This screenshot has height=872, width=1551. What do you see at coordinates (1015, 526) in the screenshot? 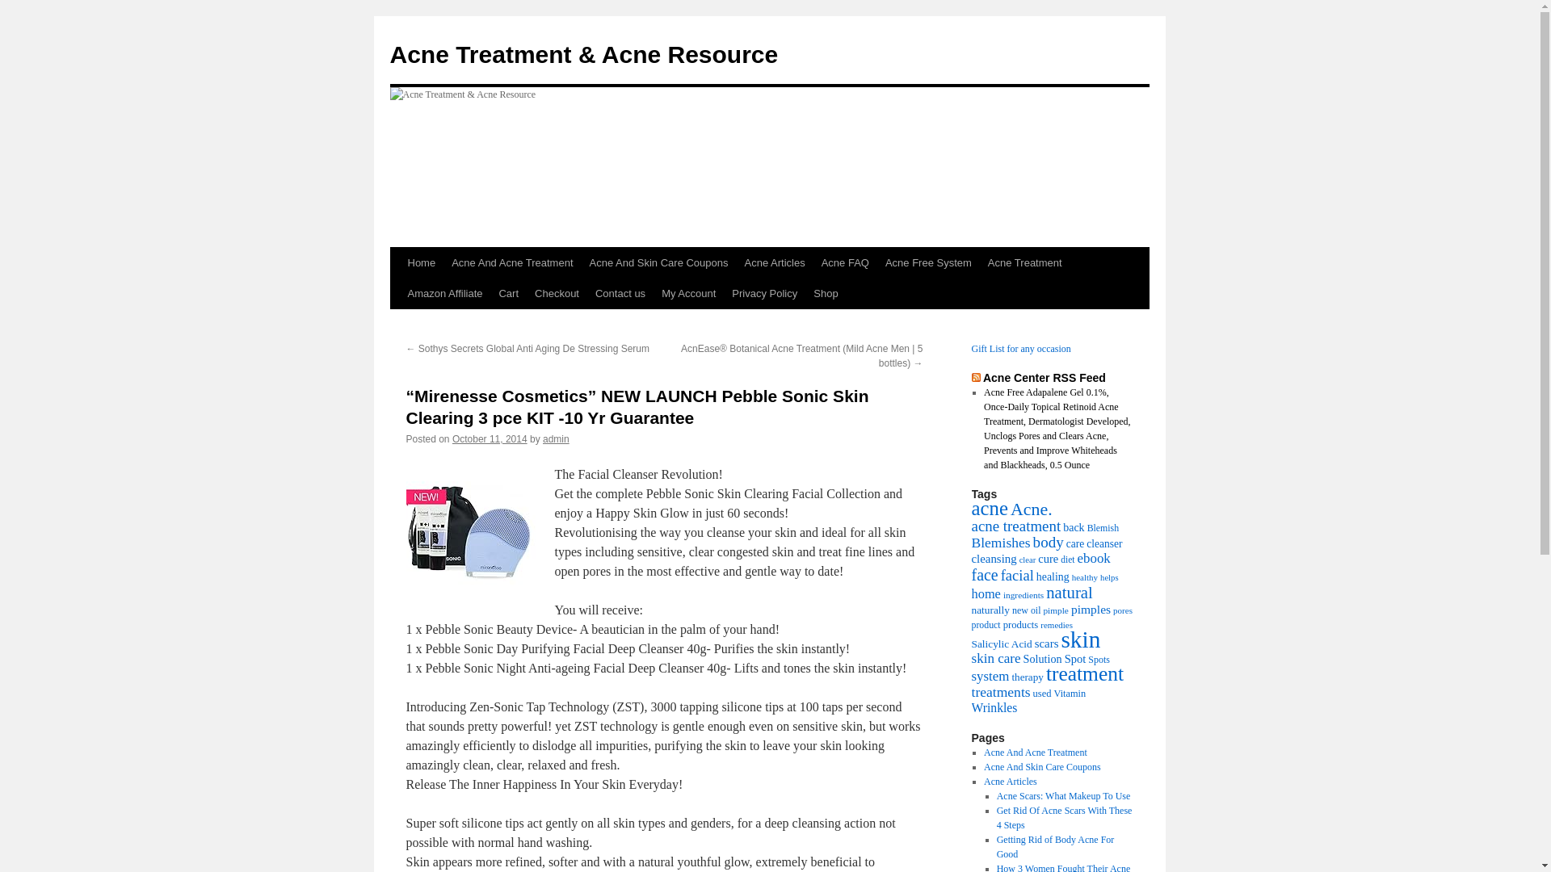
I see `'acne treatment'` at bounding box center [1015, 526].